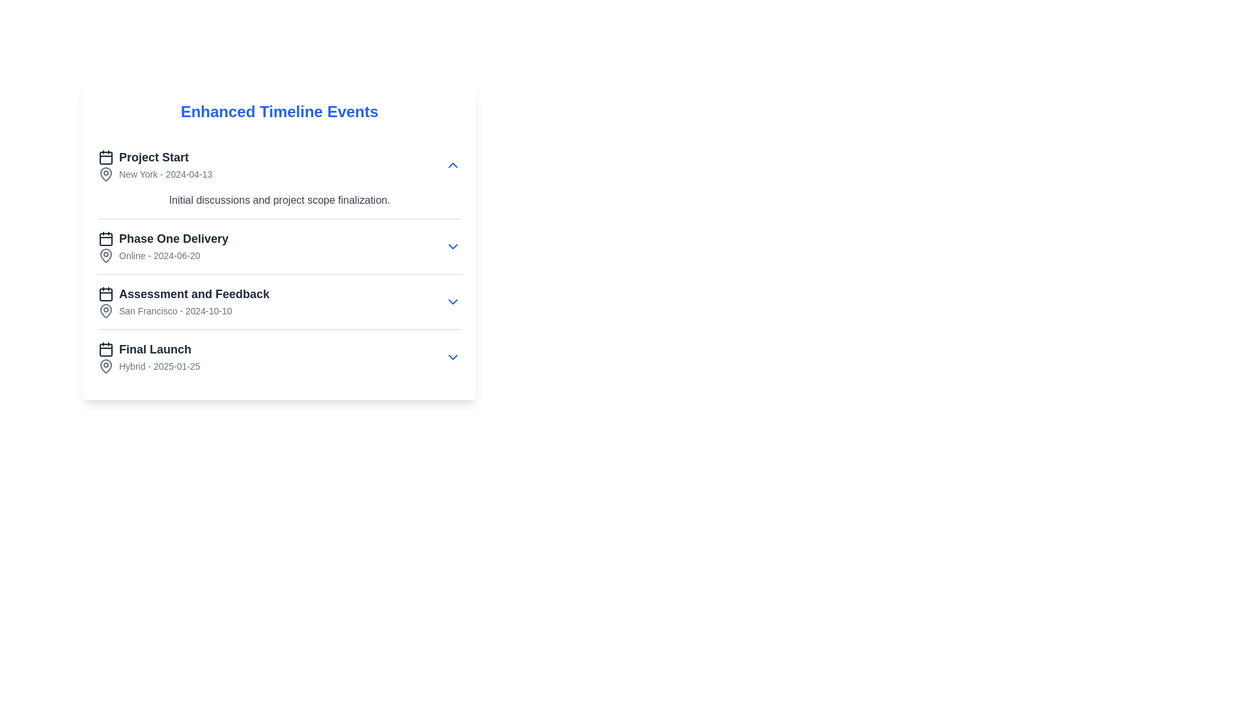  What do you see at coordinates (183, 294) in the screenshot?
I see `text content of the timeline event labeled 'Assessment and Feedback', which is the third event item in the list of timeline events` at bounding box center [183, 294].